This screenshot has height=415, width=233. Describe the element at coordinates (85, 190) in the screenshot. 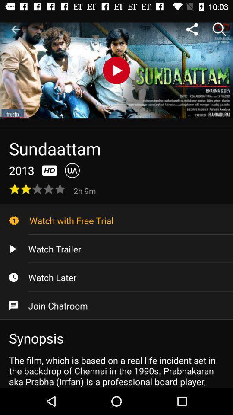

I see `icon below the ua item` at that location.